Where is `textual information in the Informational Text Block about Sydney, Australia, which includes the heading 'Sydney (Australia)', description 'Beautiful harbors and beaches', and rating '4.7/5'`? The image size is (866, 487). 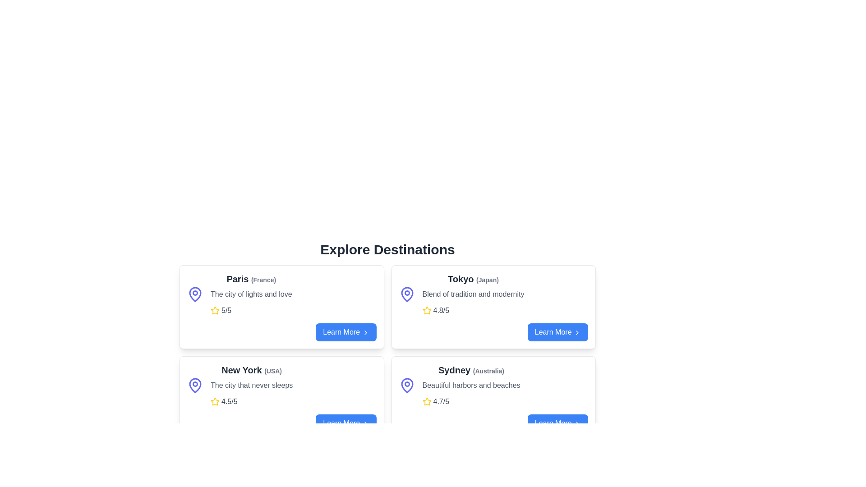
textual information in the Informational Text Block about Sydney, Australia, which includes the heading 'Sydney (Australia)', description 'Beautiful harbors and beaches', and rating '4.7/5' is located at coordinates (493, 386).